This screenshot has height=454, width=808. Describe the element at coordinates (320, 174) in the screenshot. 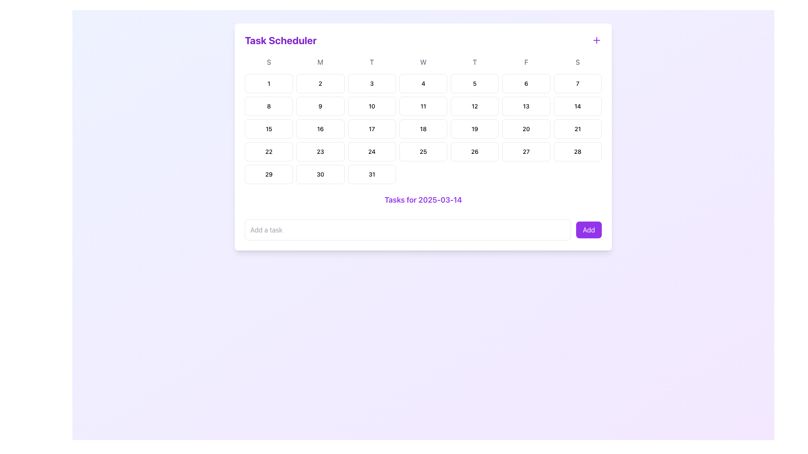

I see `the selectable day button in the Task Scheduler section, located in the last row of the calendar grid, which is the sixth item in its row` at that location.